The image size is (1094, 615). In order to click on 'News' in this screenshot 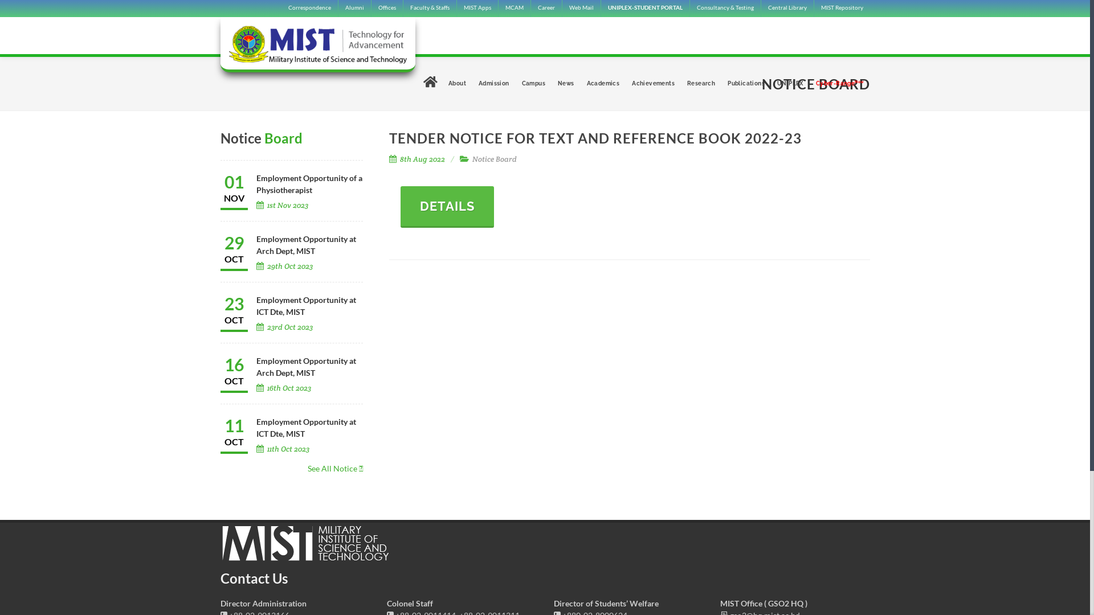, I will do `click(566, 83)`.